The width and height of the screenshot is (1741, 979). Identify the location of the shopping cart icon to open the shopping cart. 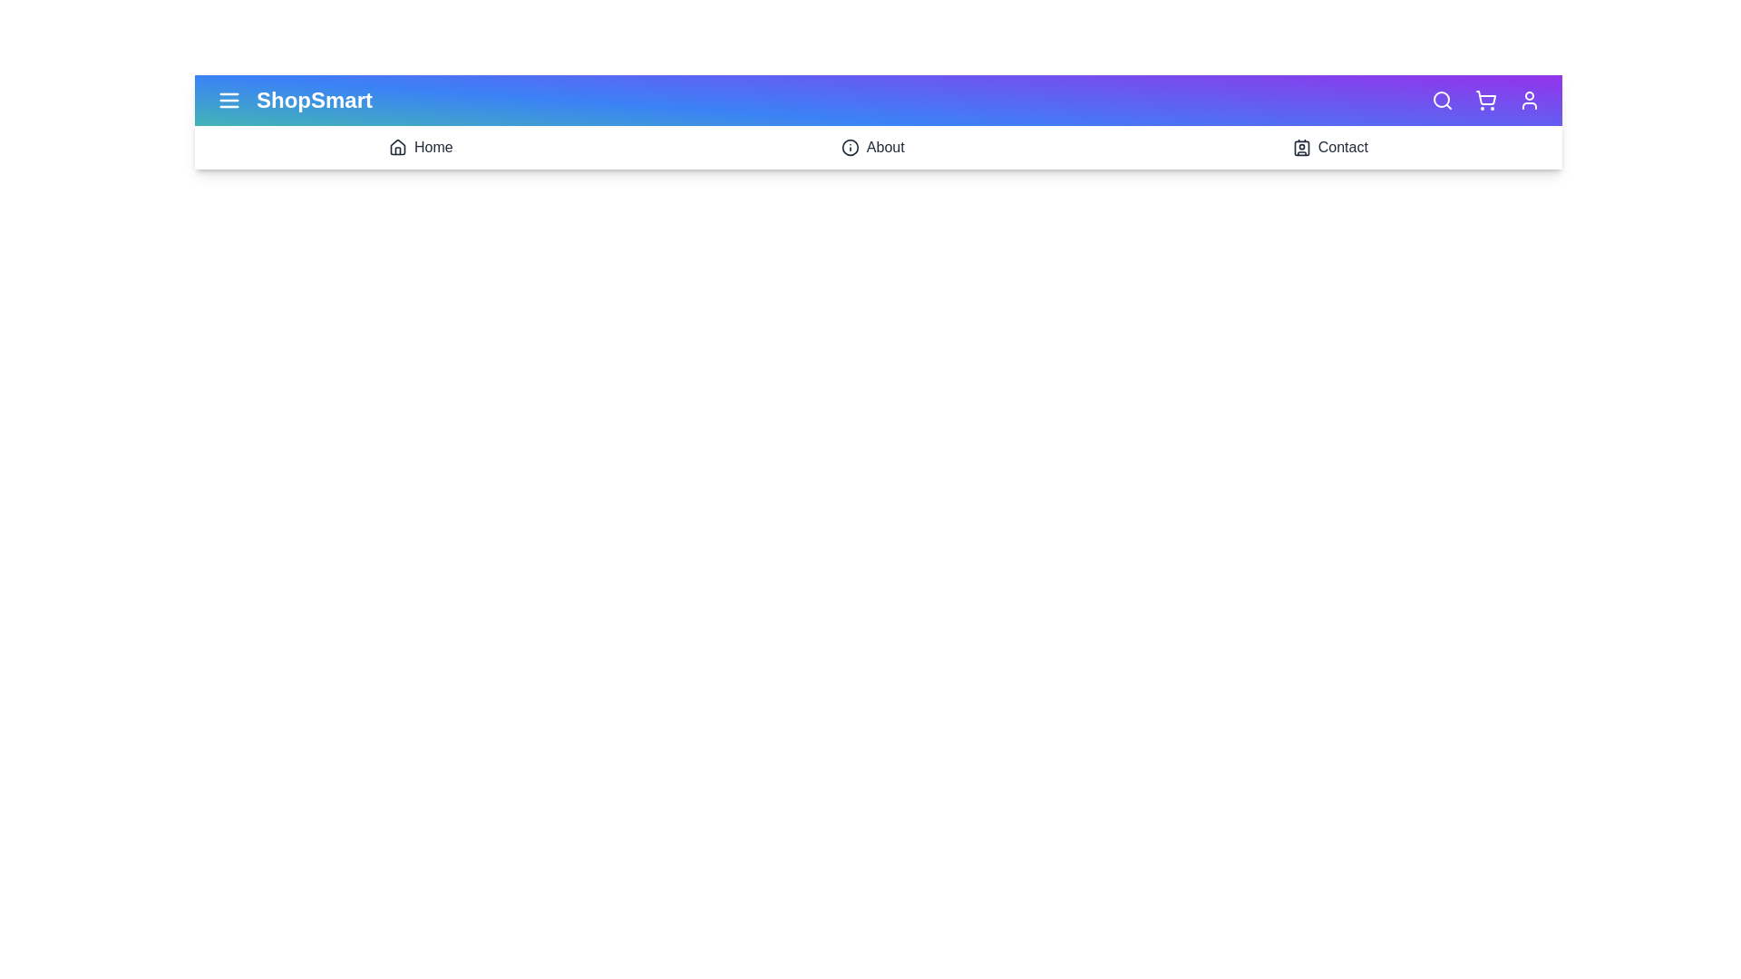
(1485, 101).